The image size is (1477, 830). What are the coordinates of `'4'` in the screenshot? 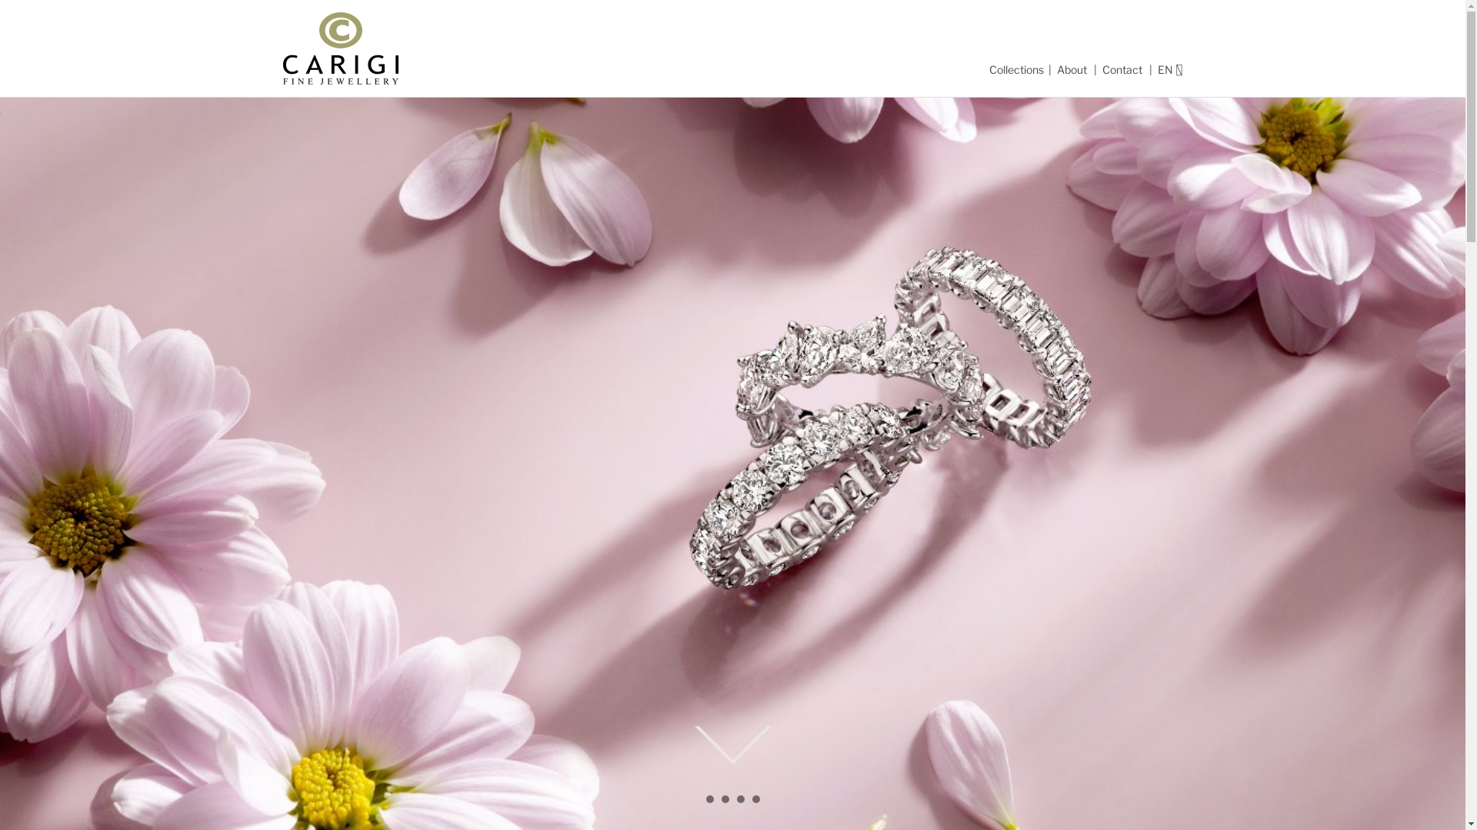 It's located at (755, 802).